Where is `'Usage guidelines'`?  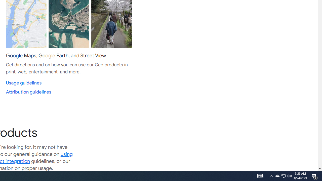
'Usage guidelines' is located at coordinates (23, 83).